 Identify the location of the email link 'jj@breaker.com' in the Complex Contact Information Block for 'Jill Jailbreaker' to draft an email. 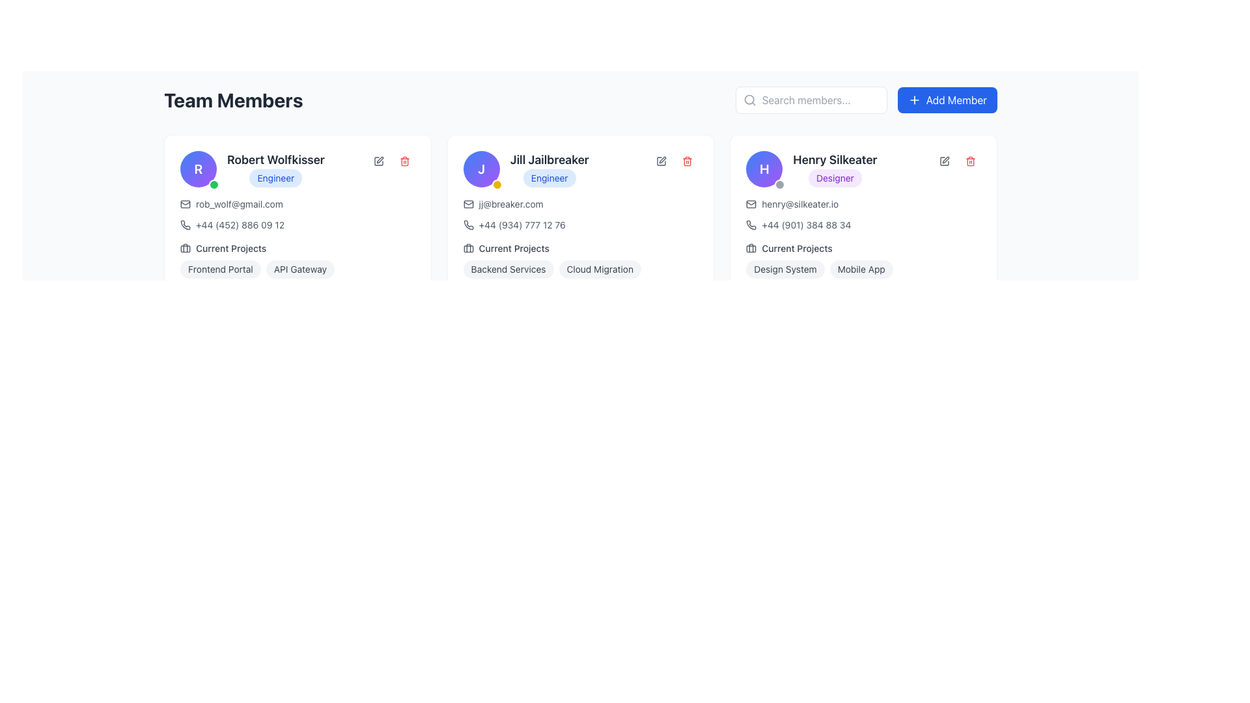
(580, 214).